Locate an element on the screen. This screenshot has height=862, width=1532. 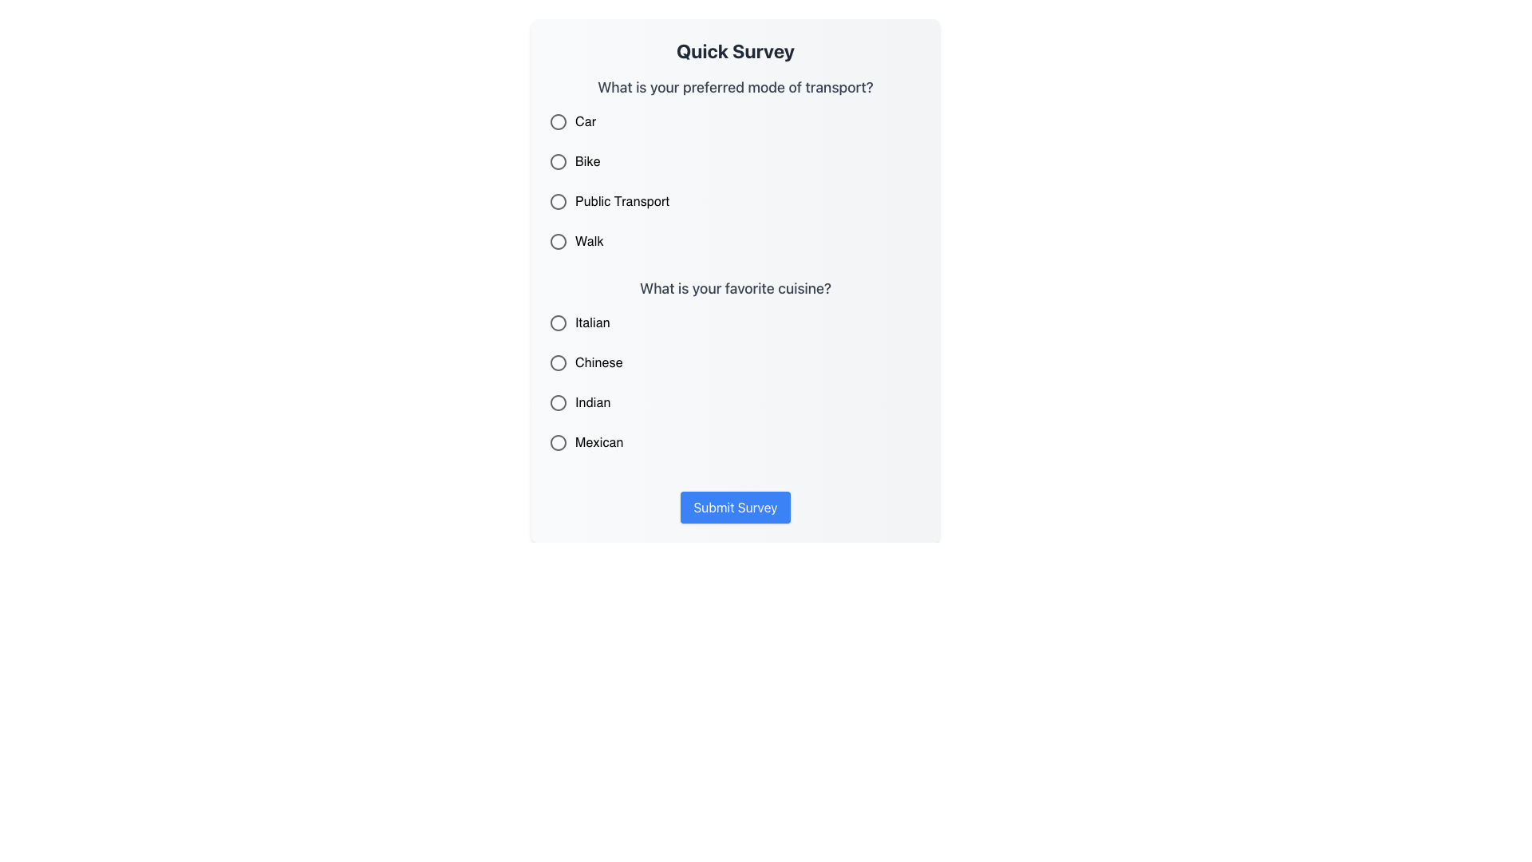
the radio button for the survey option 'Public Transport', which is the third option under the question 'What is your preferred mode of transport?' is located at coordinates (559, 201).